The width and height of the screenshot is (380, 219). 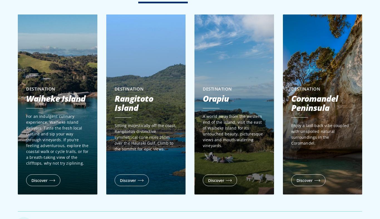 What do you see at coordinates (290, 134) in the screenshot?
I see `'Enjoy a laid-back vibe coupled with unspoiled natural surroundings in the Coromandel.'` at bounding box center [290, 134].